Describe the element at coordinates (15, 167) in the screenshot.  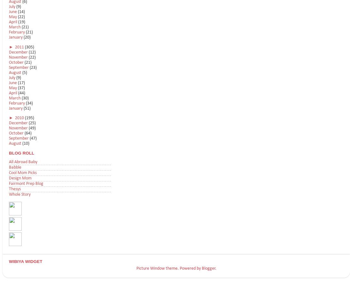
I see `'Babble'` at that location.